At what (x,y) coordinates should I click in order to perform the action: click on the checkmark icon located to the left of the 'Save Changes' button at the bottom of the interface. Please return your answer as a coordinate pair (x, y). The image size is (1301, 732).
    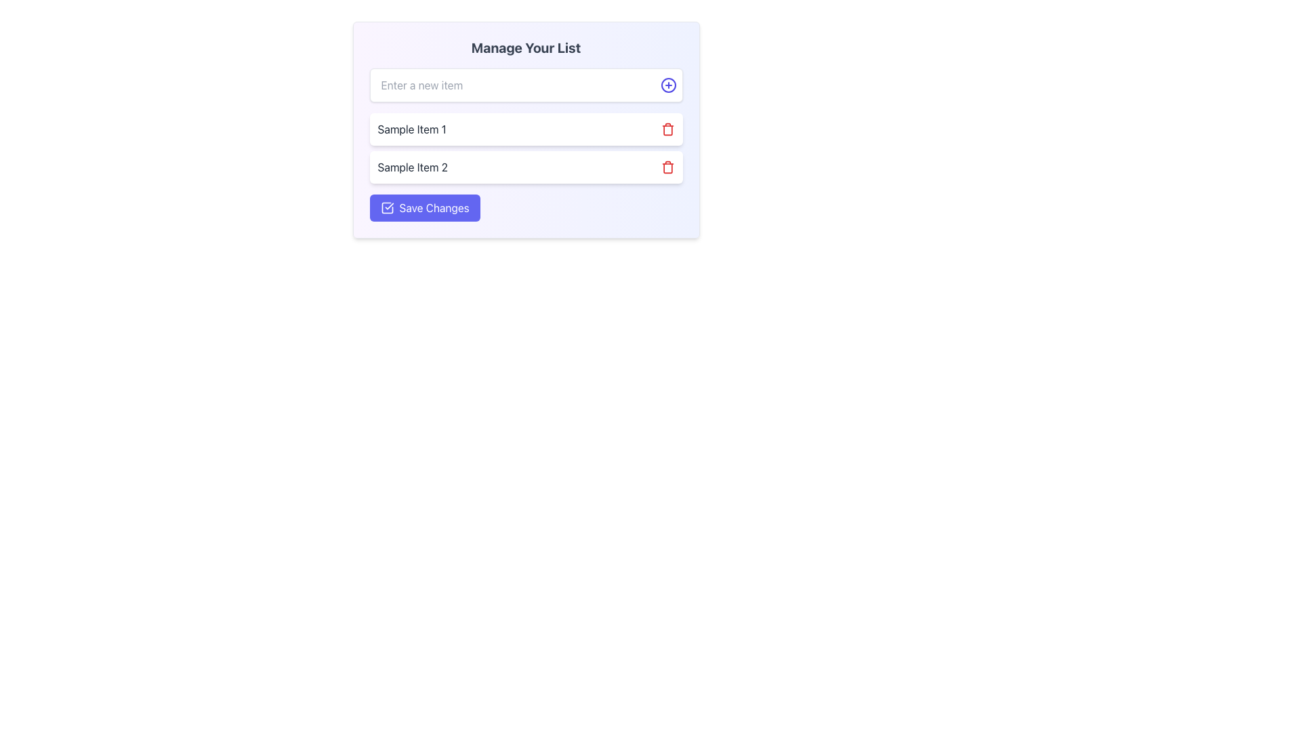
    Looking at the image, I should click on (386, 208).